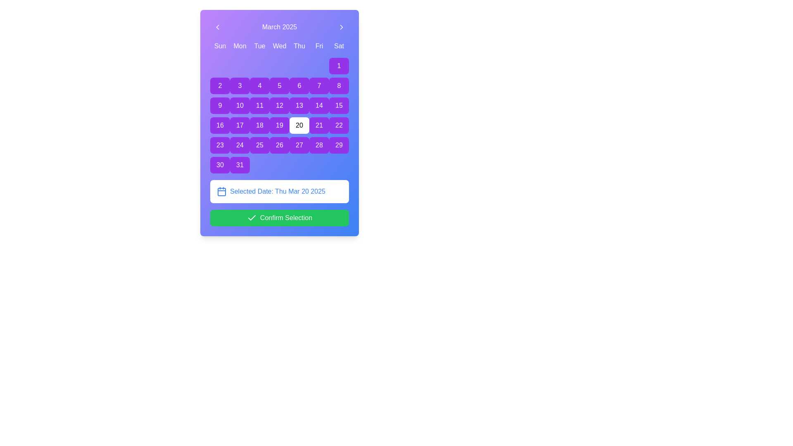 This screenshot has width=793, height=446. What do you see at coordinates (299, 46) in the screenshot?
I see `the label displaying 'Thu' in white text with a rounded styling against a purple background, positioned between 'Wed' and 'Fri' at the top of the calendar interface` at bounding box center [299, 46].